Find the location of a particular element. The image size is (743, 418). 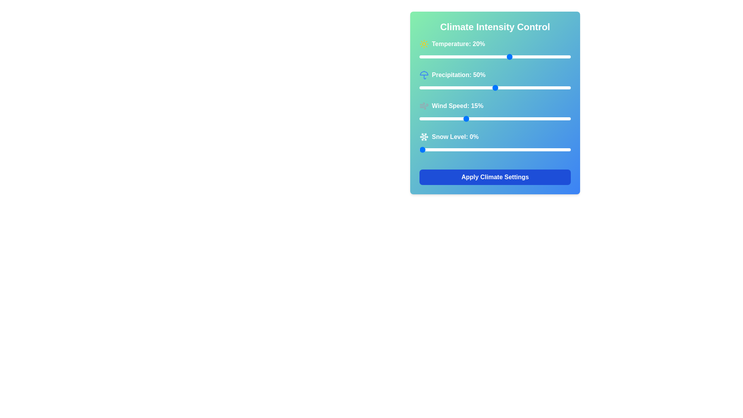

wind speed is located at coordinates (450, 119).